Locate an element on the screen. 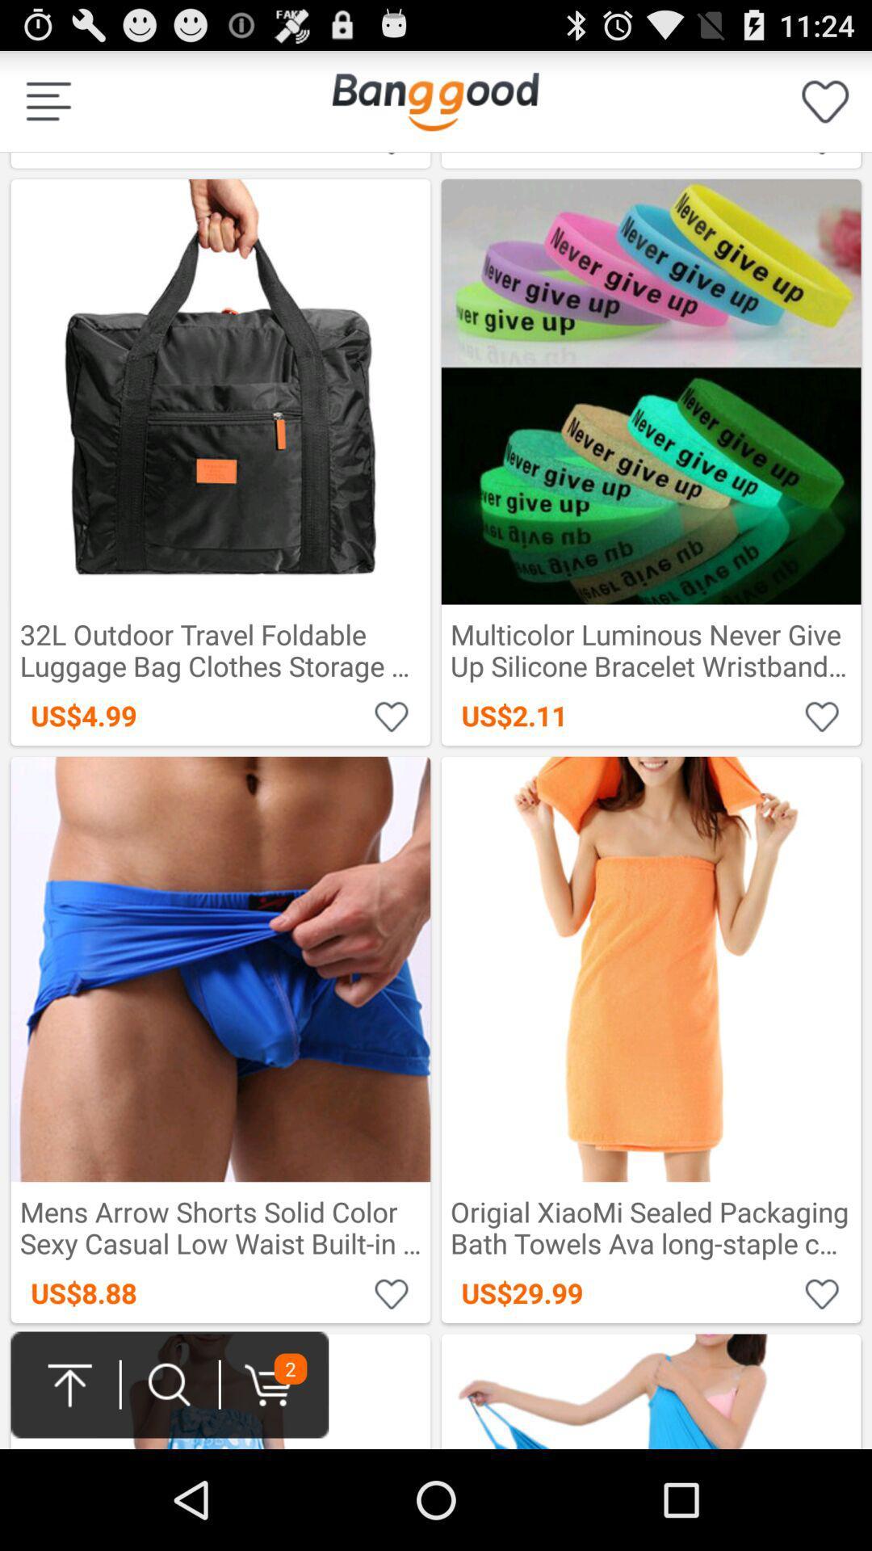 The width and height of the screenshot is (872, 1551). favorite is located at coordinates (822, 1292).